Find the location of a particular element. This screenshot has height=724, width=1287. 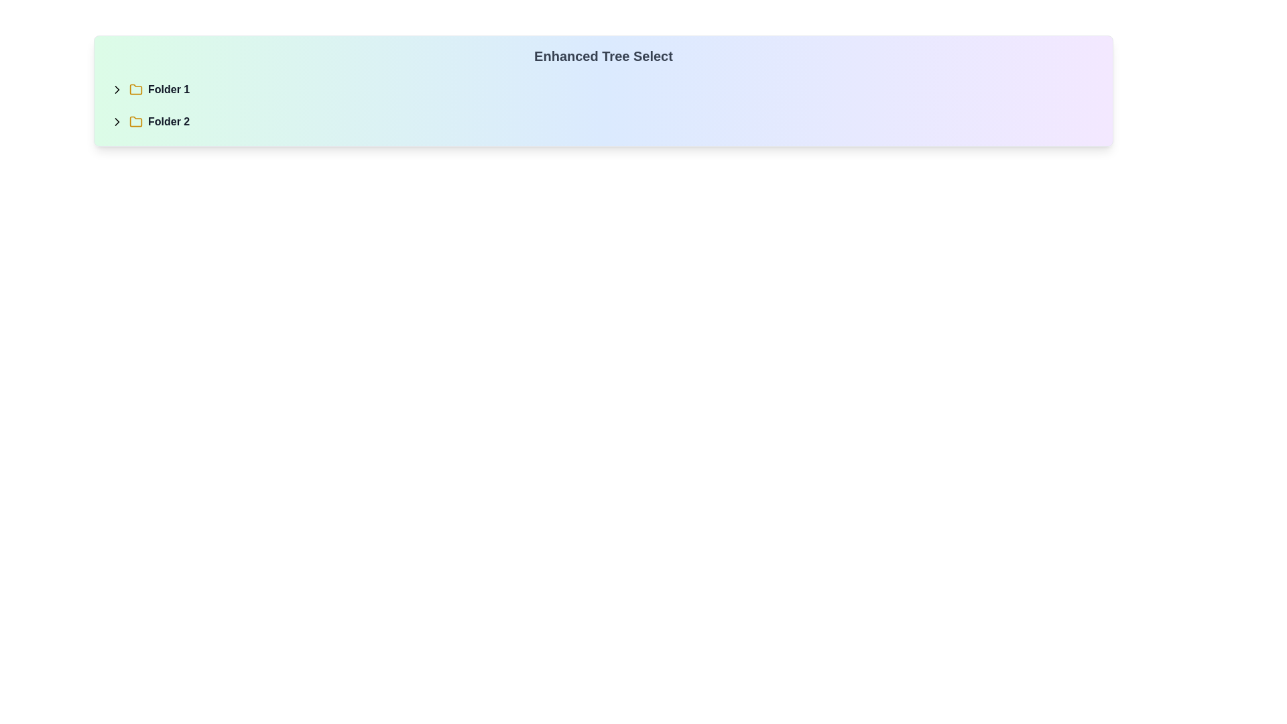

the folder icon located in the selection row next to the text label of 'Folder 2' is located at coordinates (135, 121).